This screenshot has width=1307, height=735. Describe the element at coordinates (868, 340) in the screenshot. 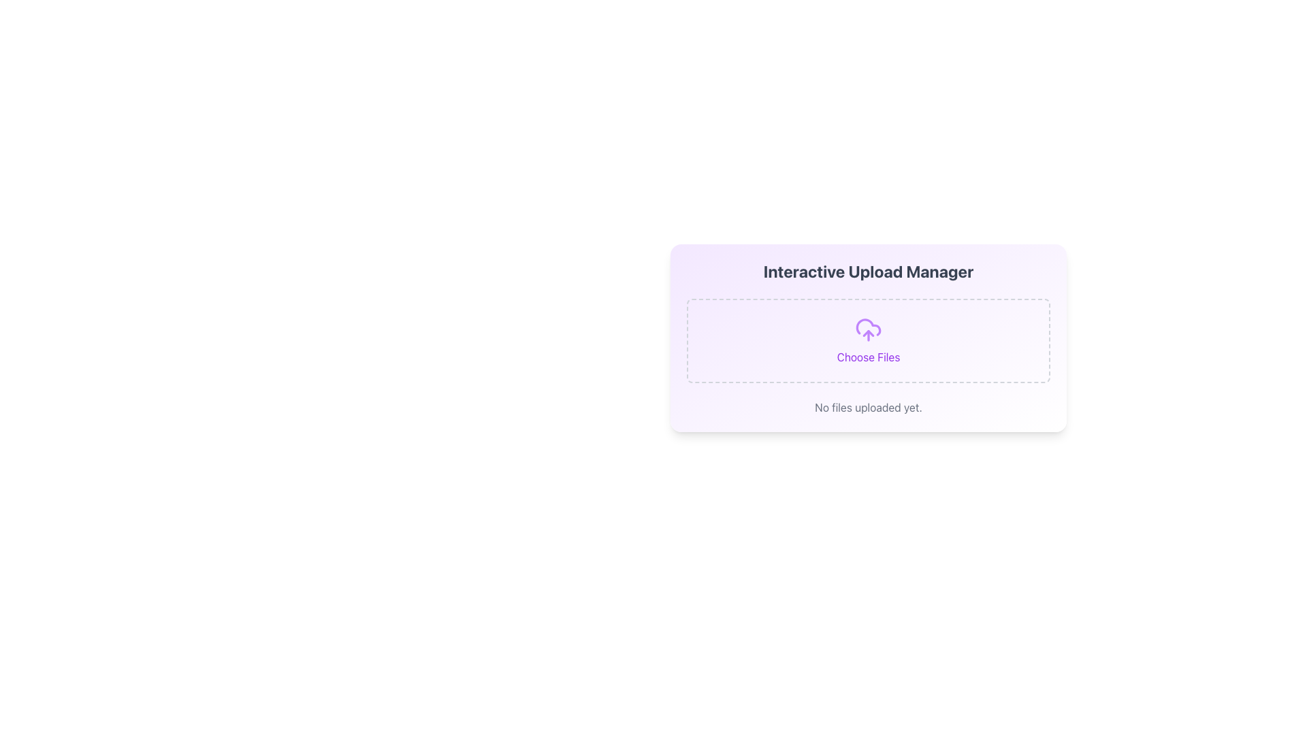

I see `the button labeled for file selection in the 'Interactive Upload Manager' interface` at that location.